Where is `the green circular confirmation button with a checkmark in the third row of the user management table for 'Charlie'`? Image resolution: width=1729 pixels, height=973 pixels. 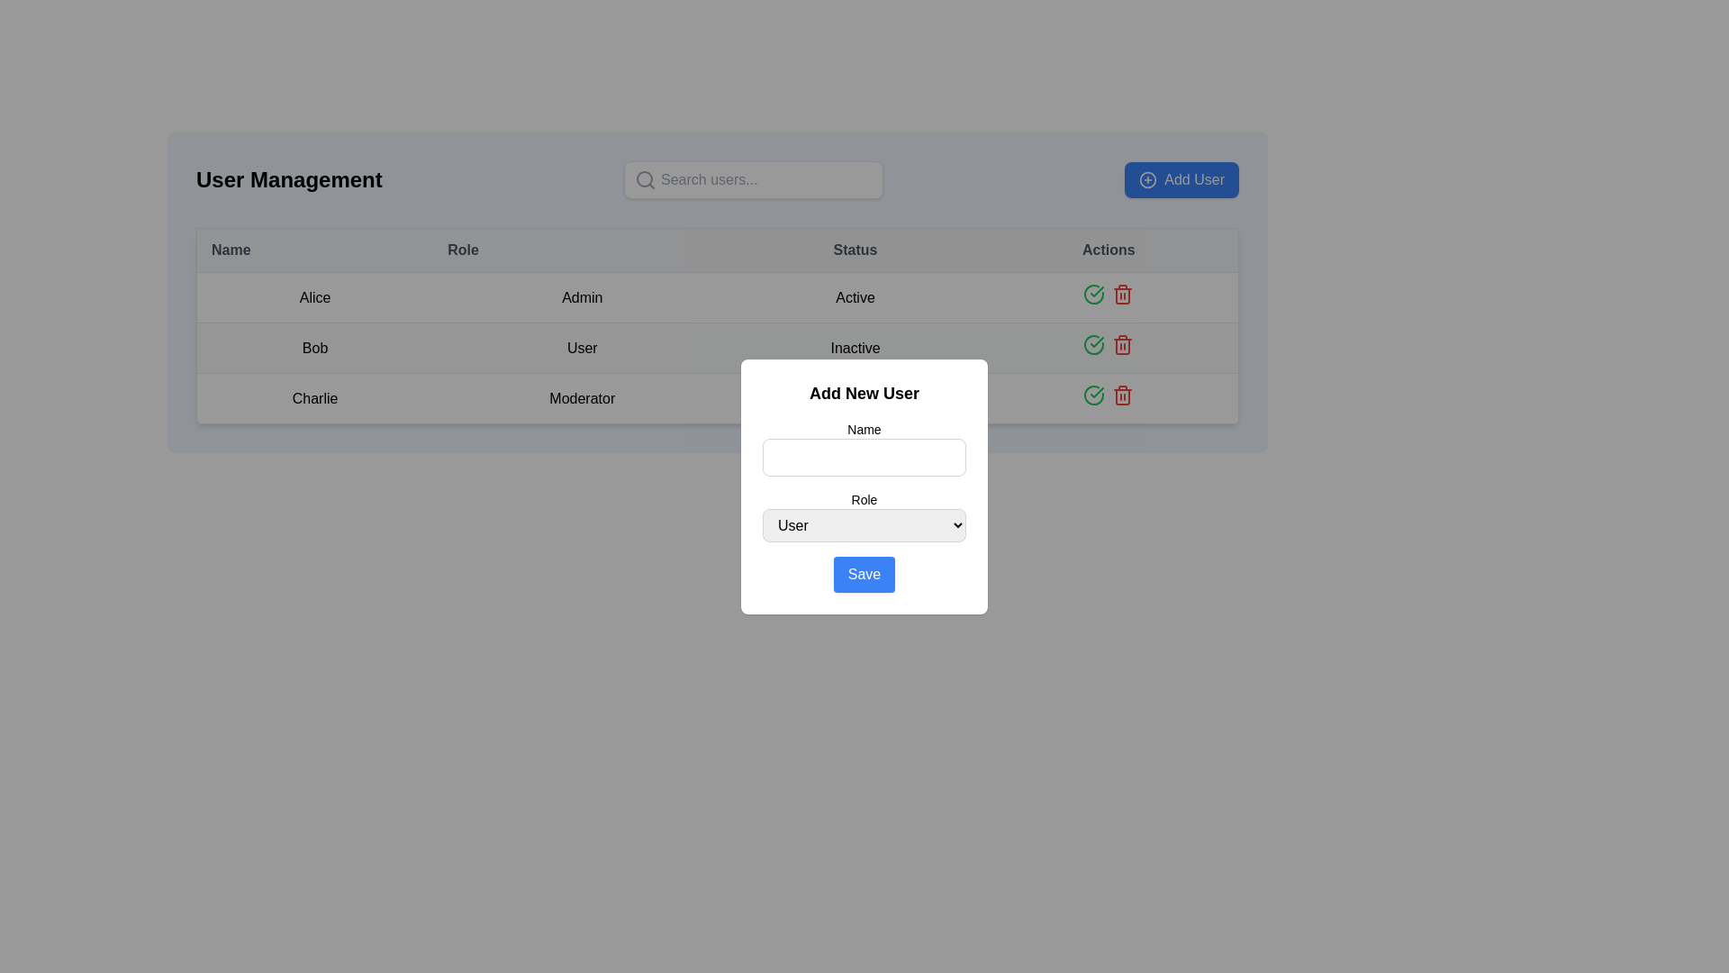
the green circular confirmation button with a checkmark in the third row of the user management table for 'Charlie' is located at coordinates (1093, 395).